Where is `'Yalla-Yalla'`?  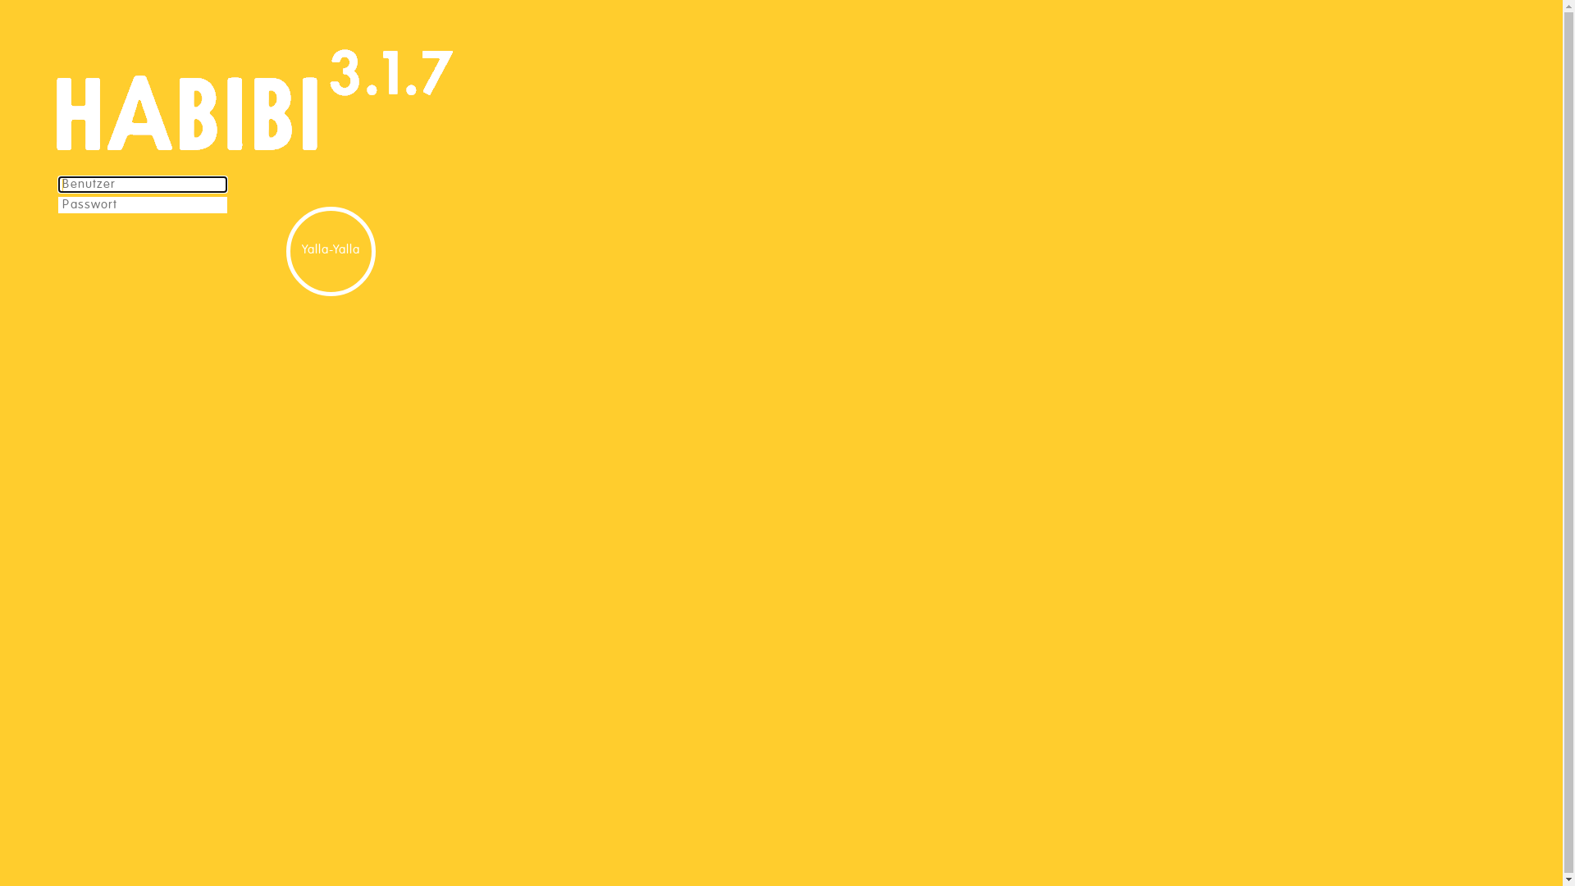 'Yalla-Yalla' is located at coordinates (330, 251).